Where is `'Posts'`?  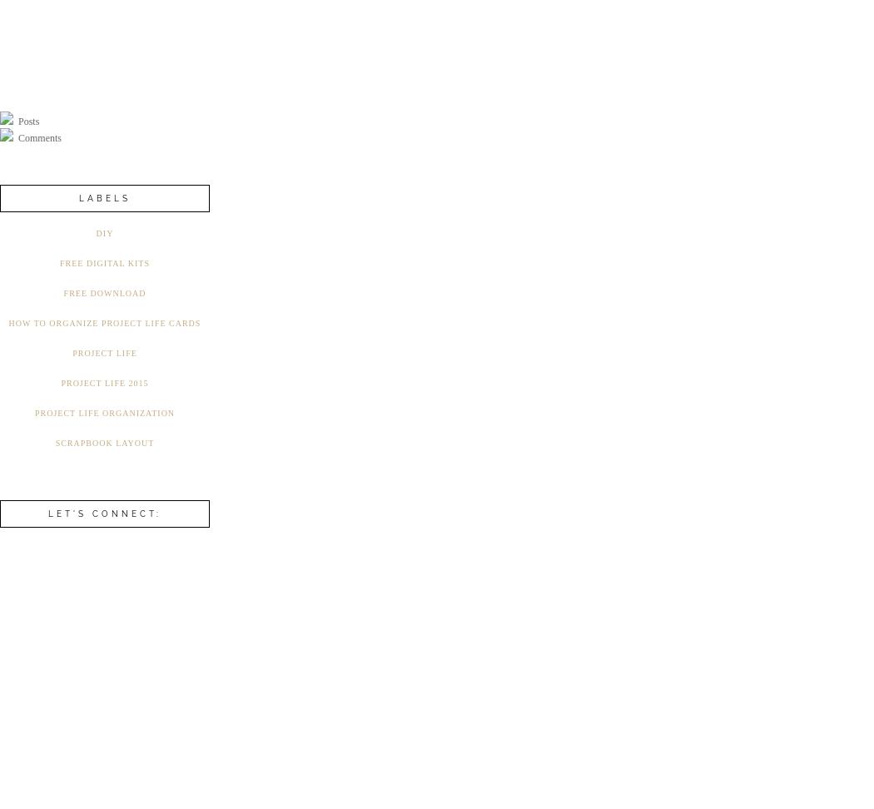 'Posts' is located at coordinates (27, 121).